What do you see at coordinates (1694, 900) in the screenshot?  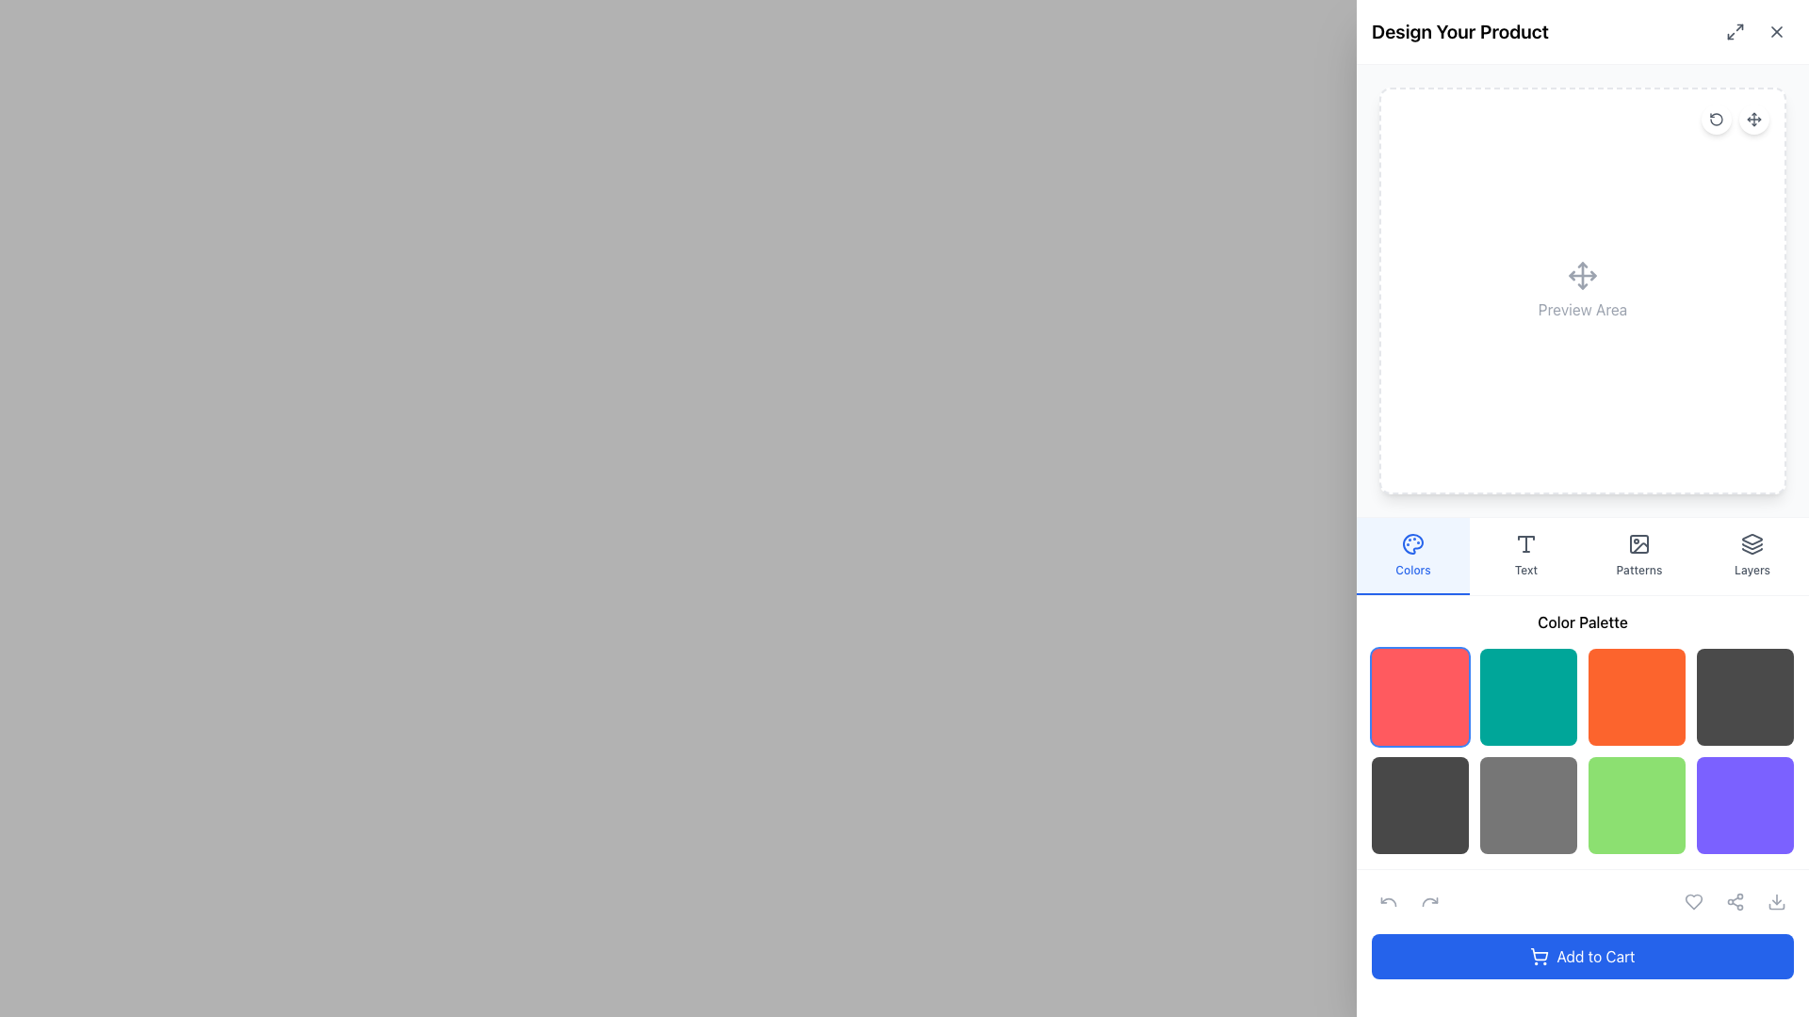 I see `the heart icon` at bounding box center [1694, 900].